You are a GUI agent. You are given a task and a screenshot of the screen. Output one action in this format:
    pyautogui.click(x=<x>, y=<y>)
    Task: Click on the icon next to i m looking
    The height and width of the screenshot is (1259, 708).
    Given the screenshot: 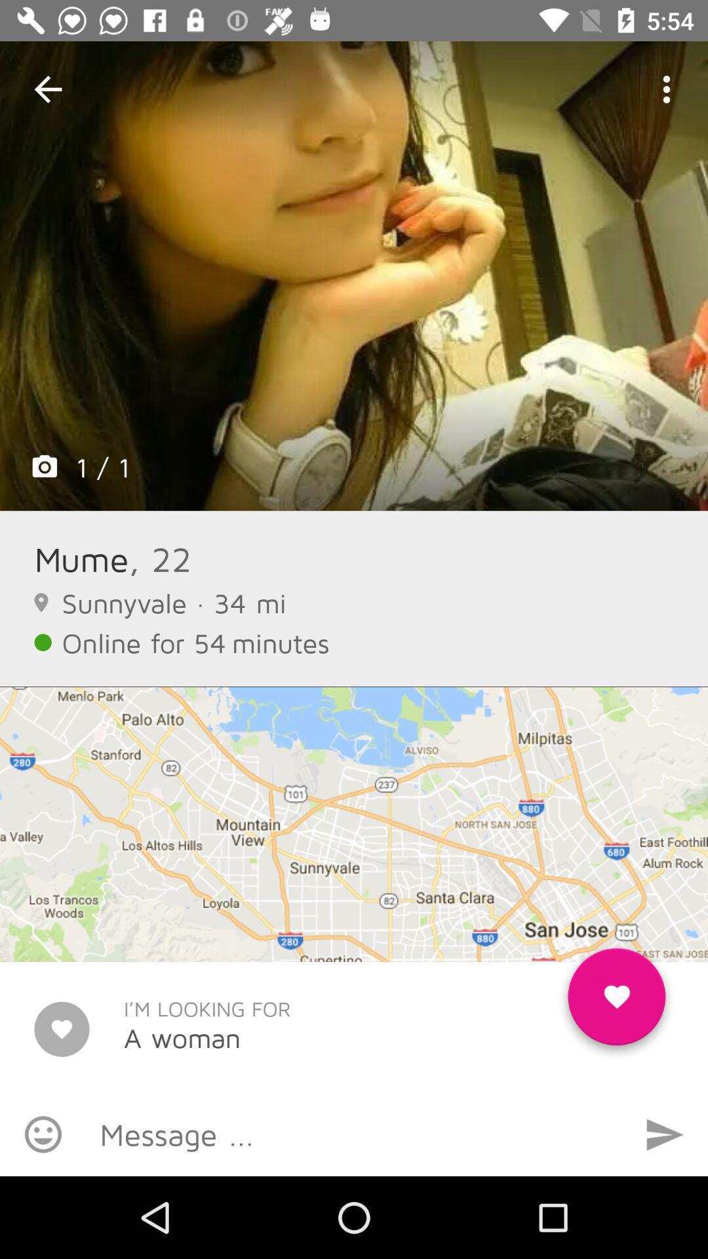 What is the action you would take?
    pyautogui.click(x=616, y=1001)
    